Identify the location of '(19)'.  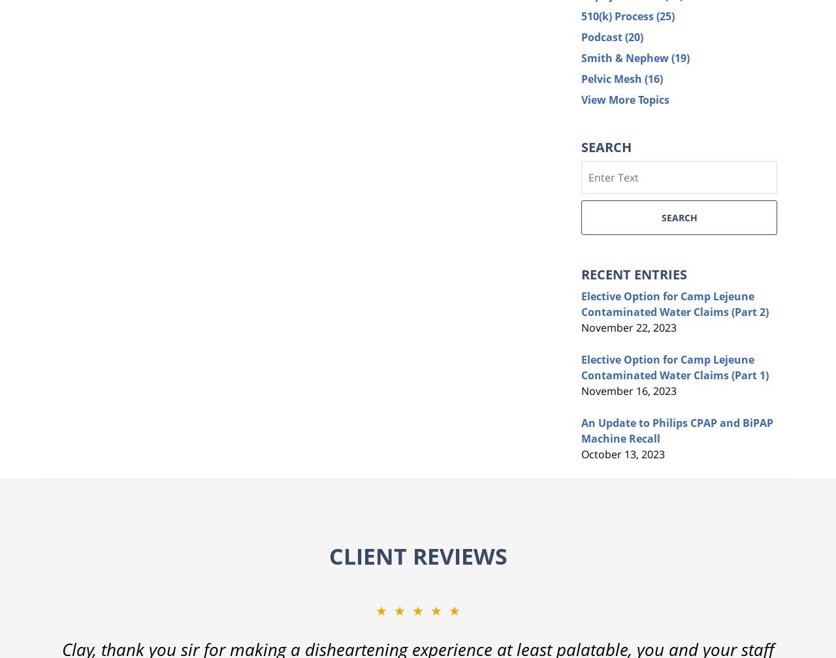
(680, 57).